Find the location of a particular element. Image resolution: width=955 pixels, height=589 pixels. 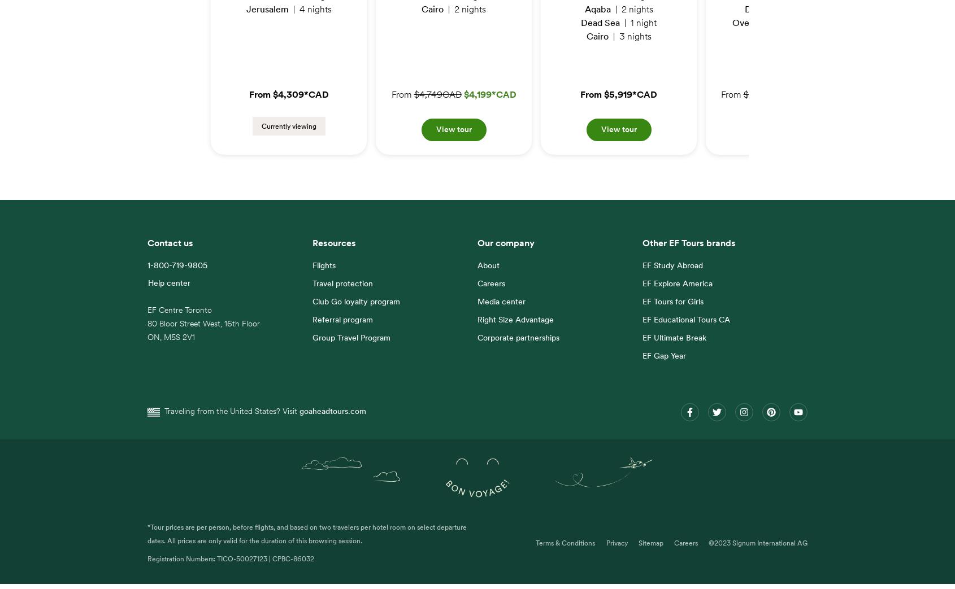

'$4,749' is located at coordinates (427, 100).